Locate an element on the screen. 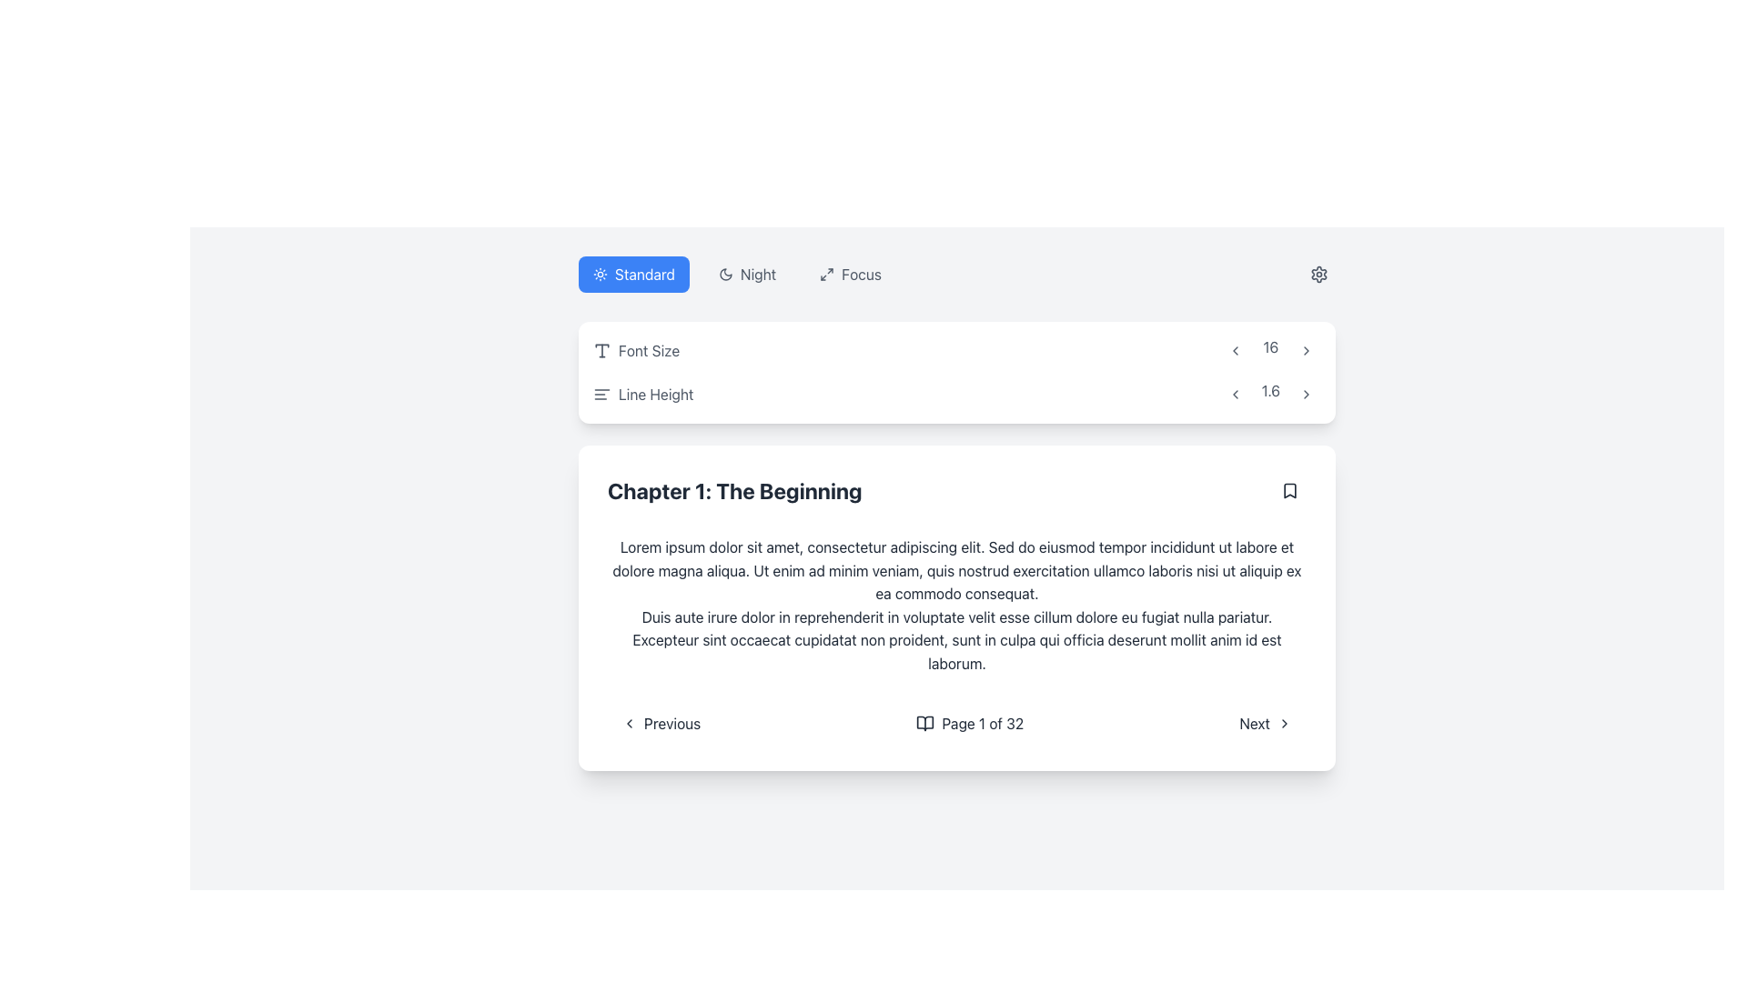 This screenshot has width=1747, height=982. the 'Focus' button, which is the third button in a horizontal row at the top of the interface, styled with rounded corners and a gray hover effect is located at coordinates (850, 274).